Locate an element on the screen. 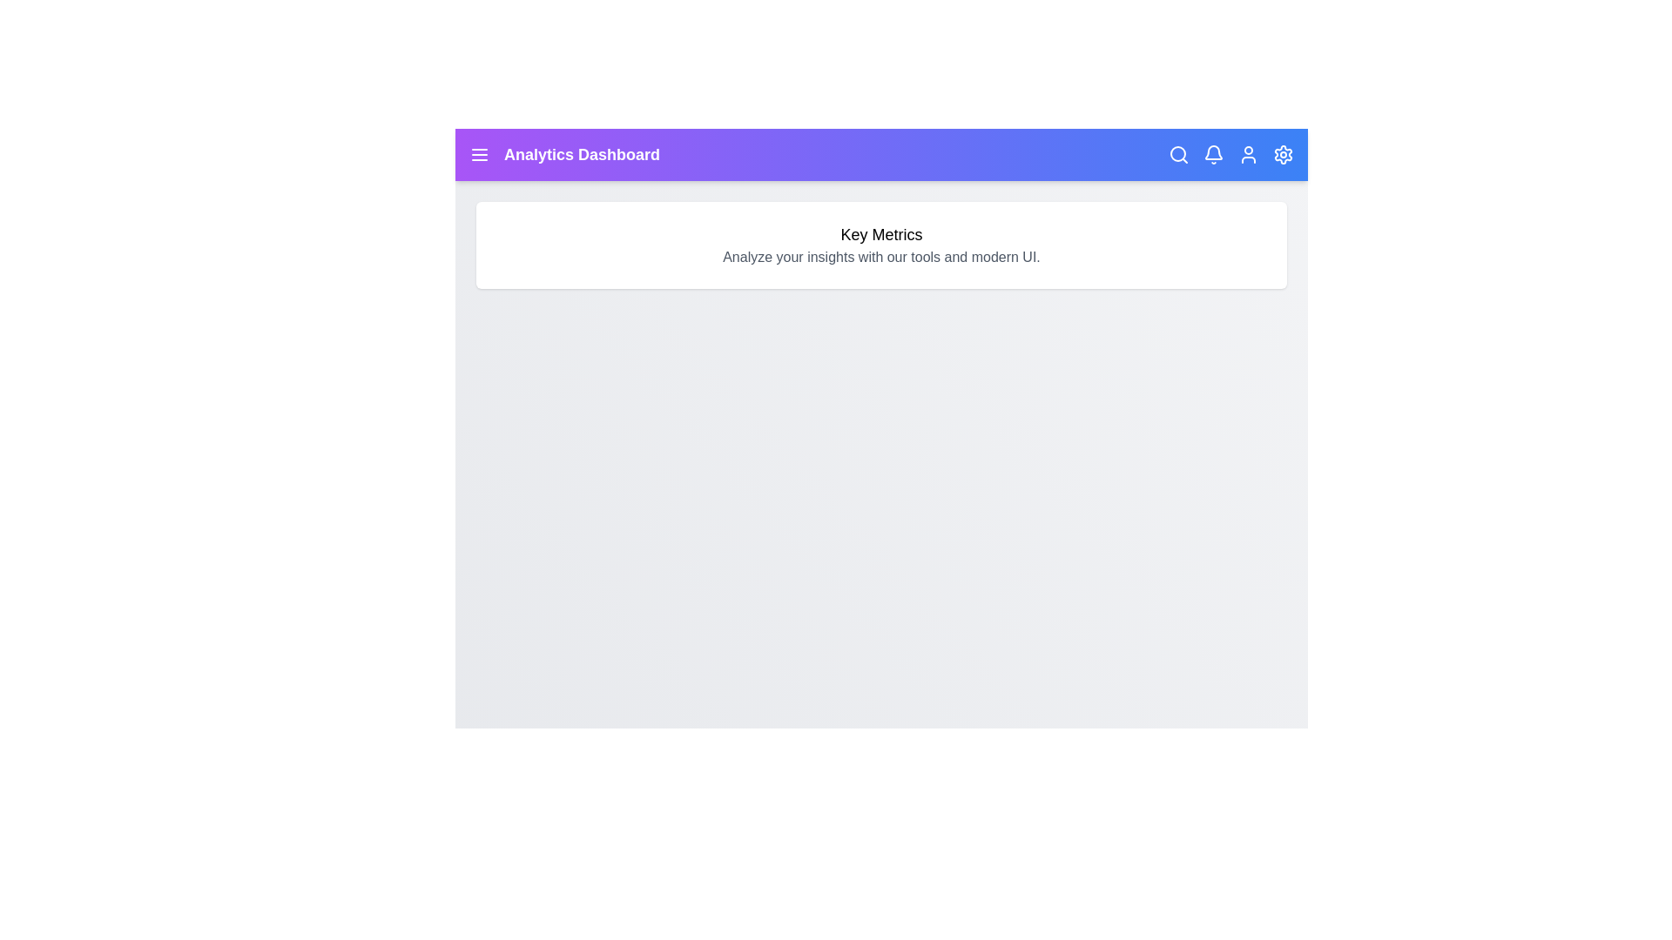 The height and width of the screenshot is (940, 1672). the bell icon to view notifications is located at coordinates (1212, 153).